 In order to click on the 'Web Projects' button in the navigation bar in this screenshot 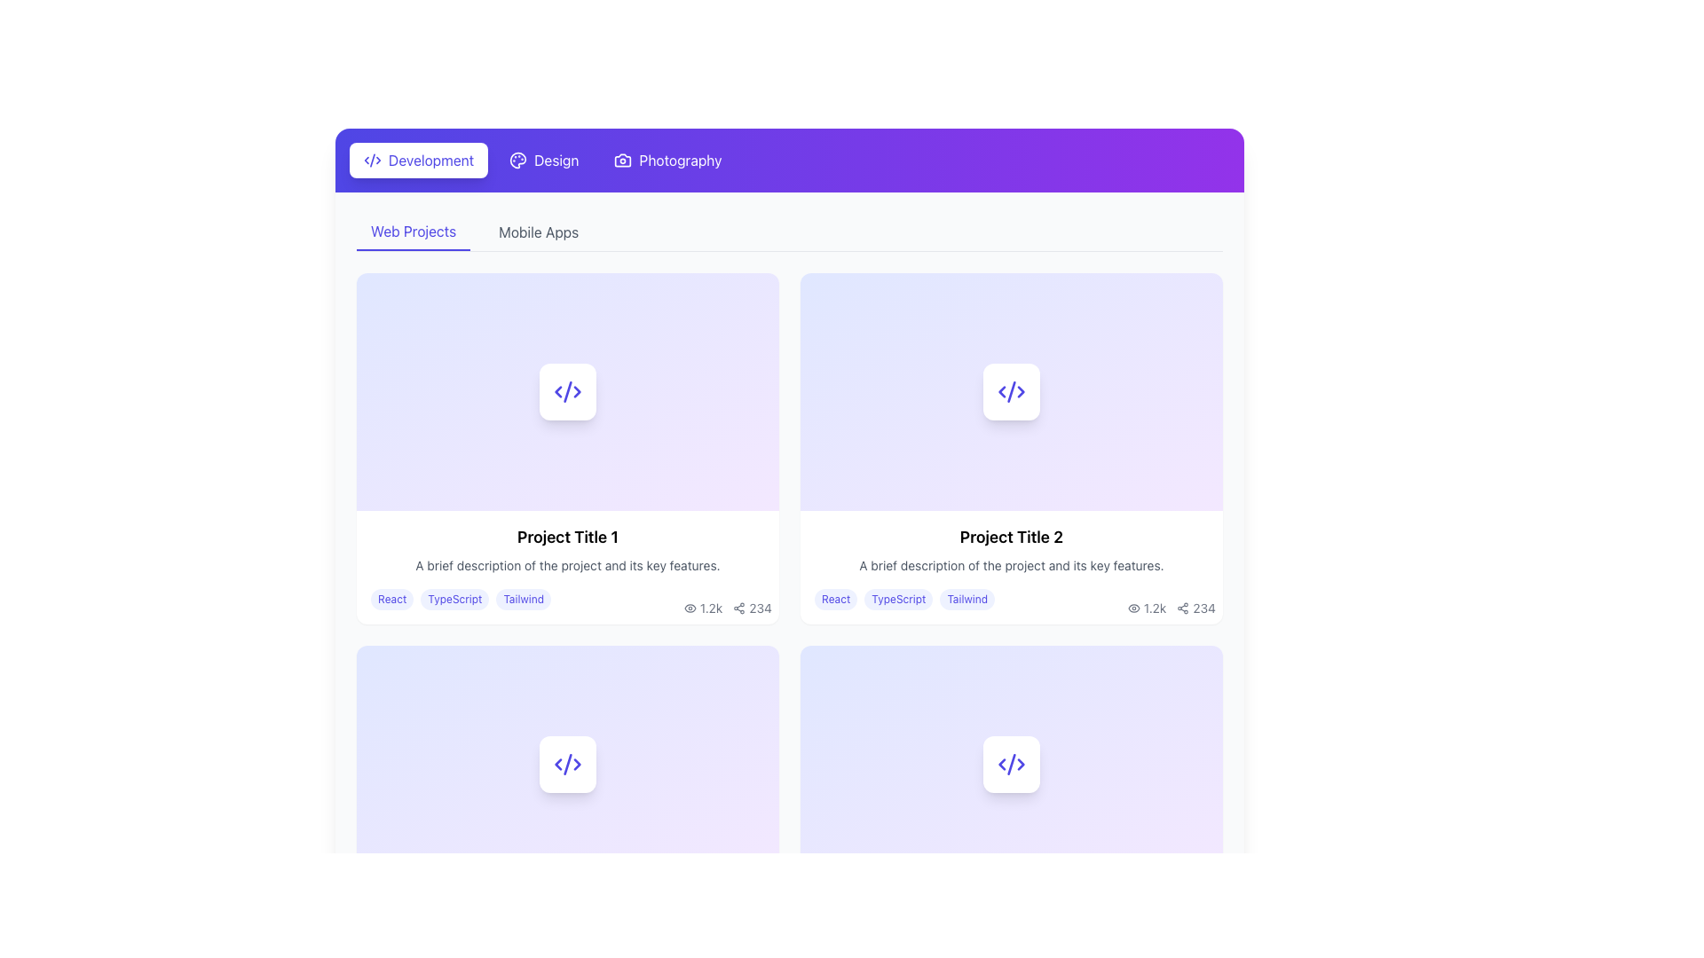, I will do `click(412, 232)`.